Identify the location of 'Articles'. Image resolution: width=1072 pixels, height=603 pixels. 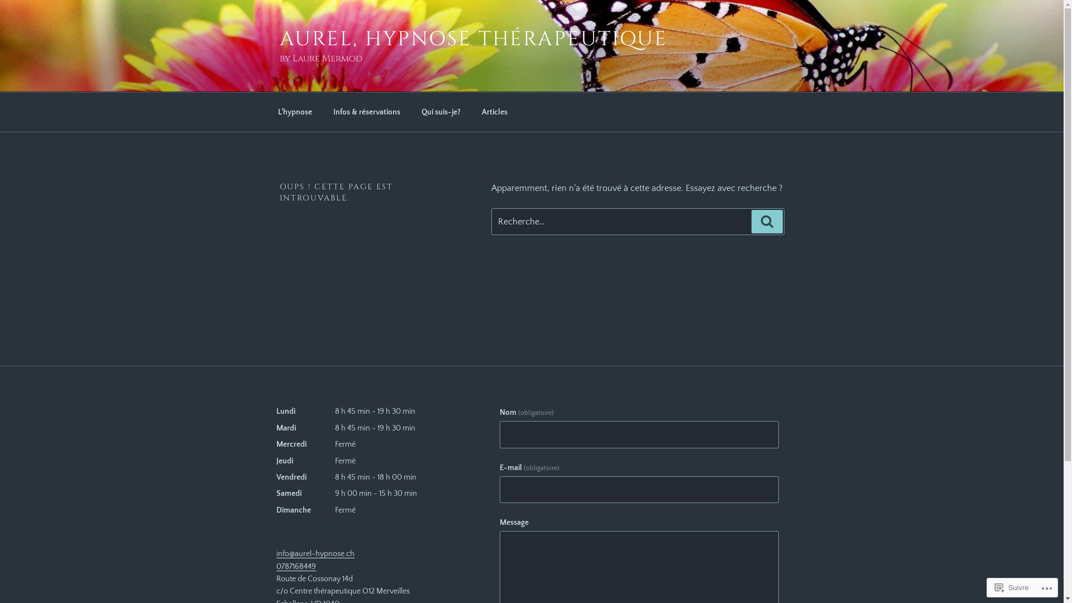
(494, 112).